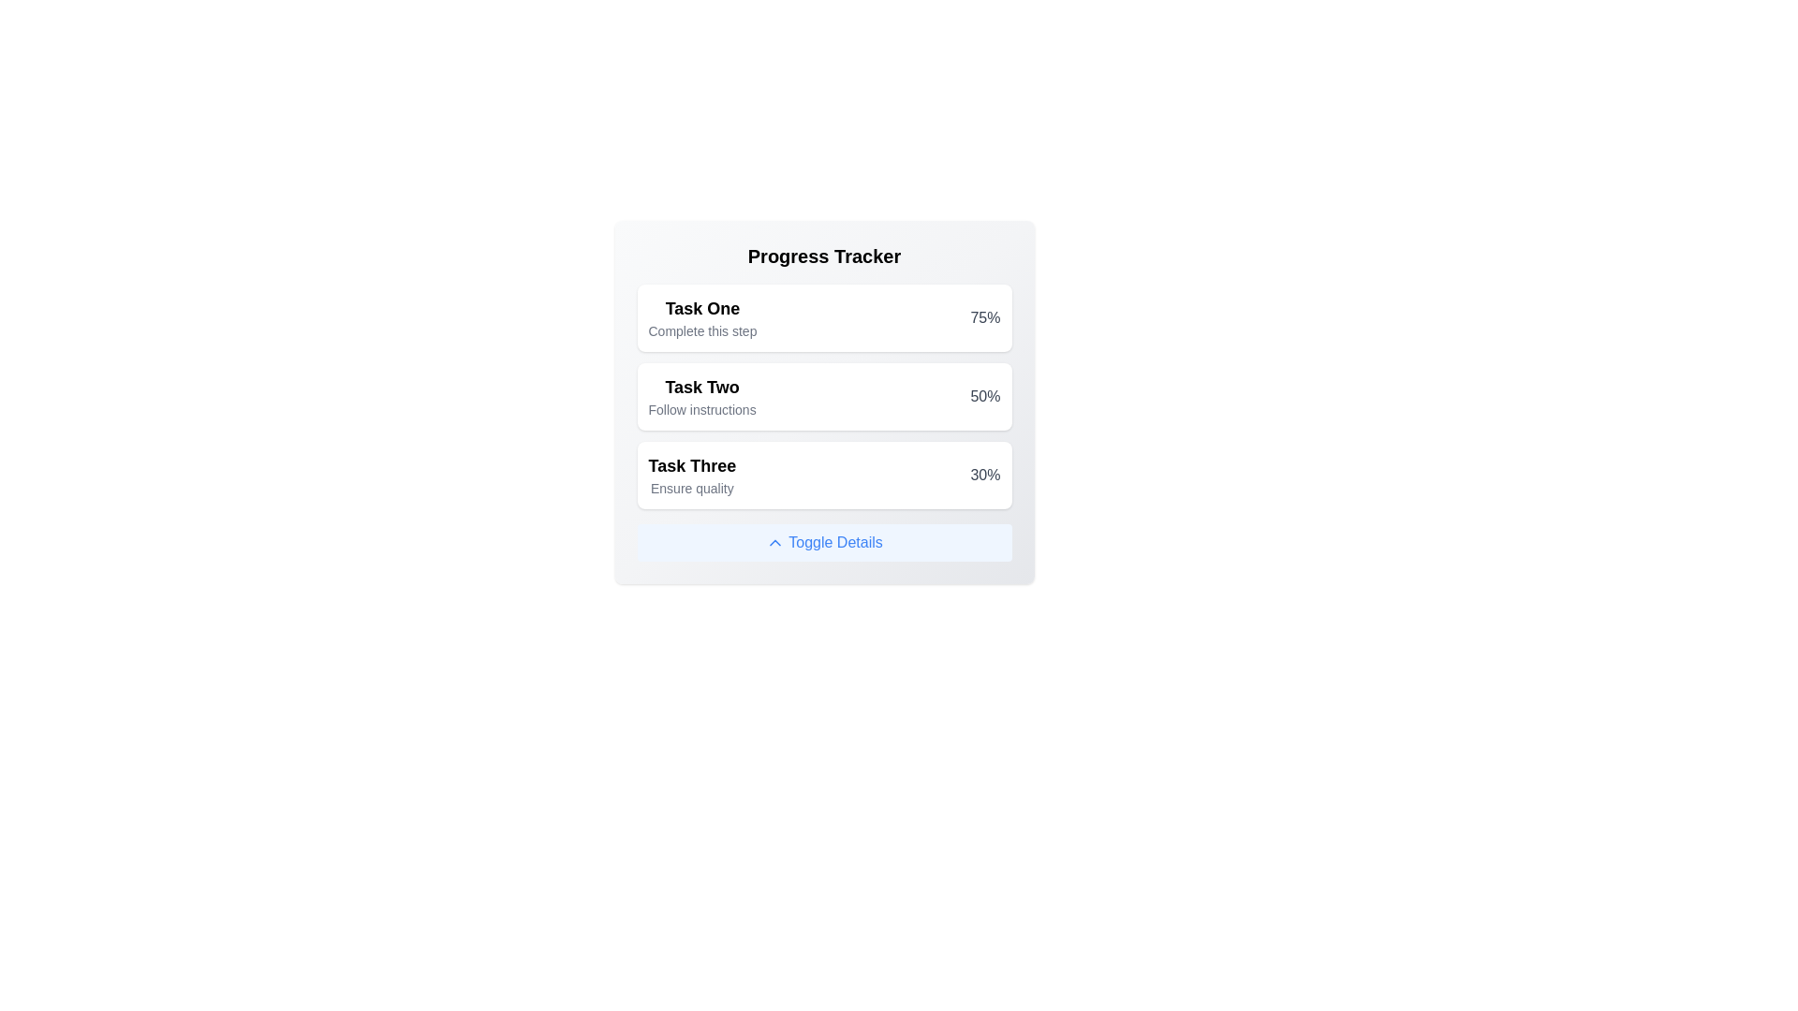 The image size is (1798, 1011). Describe the element at coordinates (824, 542) in the screenshot. I see `the 'Toggle Details' button to toggle the visibility of the details section` at that location.